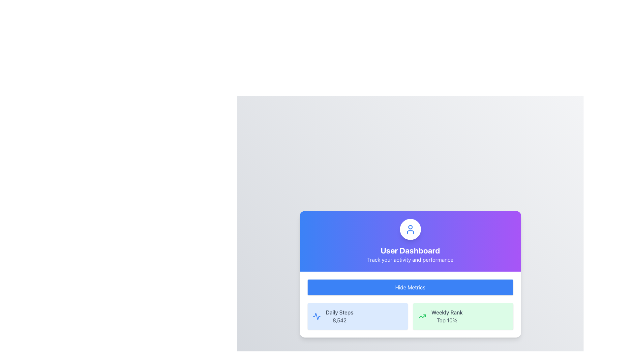 This screenshot has width=633, height=356. I want to click on the text display block that shows 'Daily Steps' with the value '8,542' in a light-blue shaded box, located below the 'Hide Metrics' button and to the left of the 'Weekly Rank' box, so click(340, 316).